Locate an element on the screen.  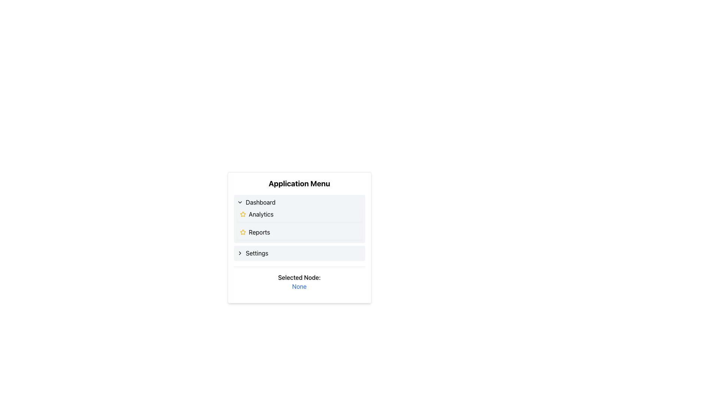
the Clickable Text Item with an Icon is located at coordinates (299, 202).